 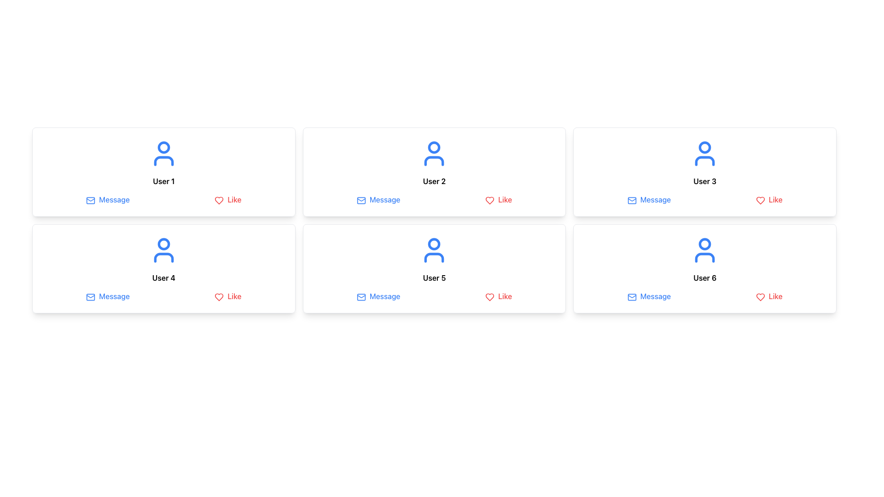 I want to click on the blue envelope icon associated with the 'Message' text in the second card of the second row for User 5, so click(x=361, y=297).